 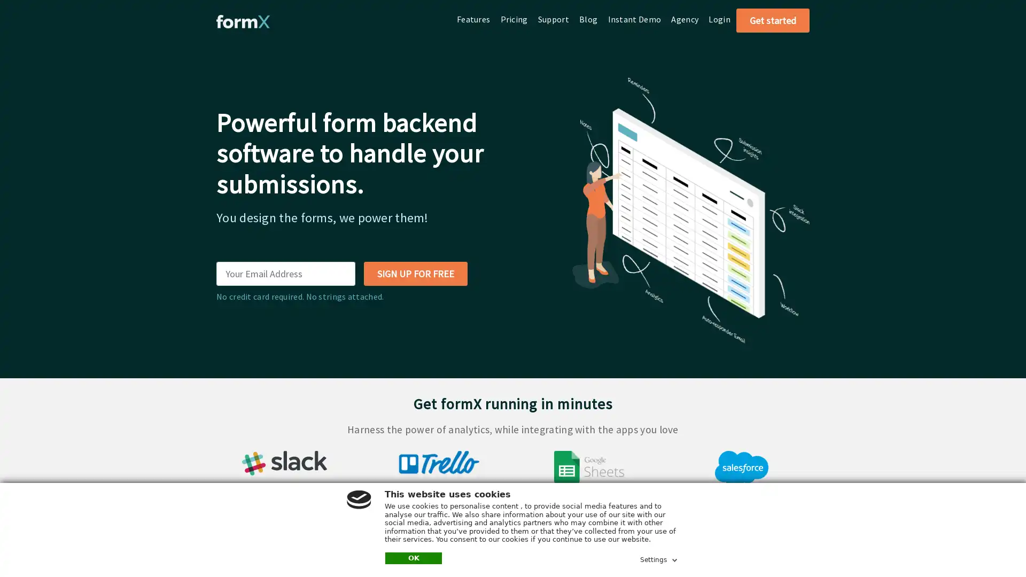 What do you see at coordinates (415, 273) in the screenshot?
I see `SIGN UP FOR FREE` at bounding box center [415, 273].